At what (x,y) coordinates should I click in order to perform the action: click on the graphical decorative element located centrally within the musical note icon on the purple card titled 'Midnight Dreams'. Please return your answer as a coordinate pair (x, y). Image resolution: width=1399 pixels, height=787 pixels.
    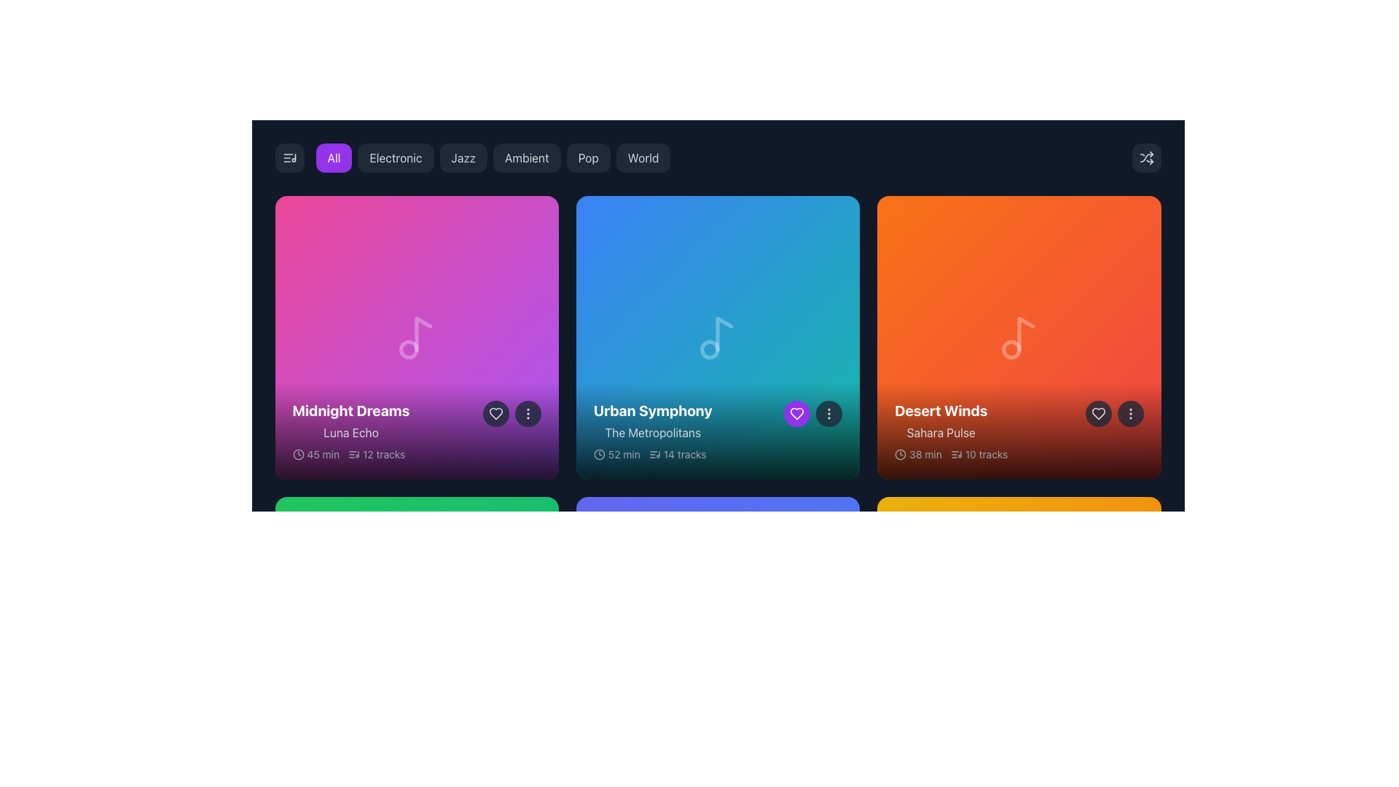
    Looking at the image, I should click on (408, 349).